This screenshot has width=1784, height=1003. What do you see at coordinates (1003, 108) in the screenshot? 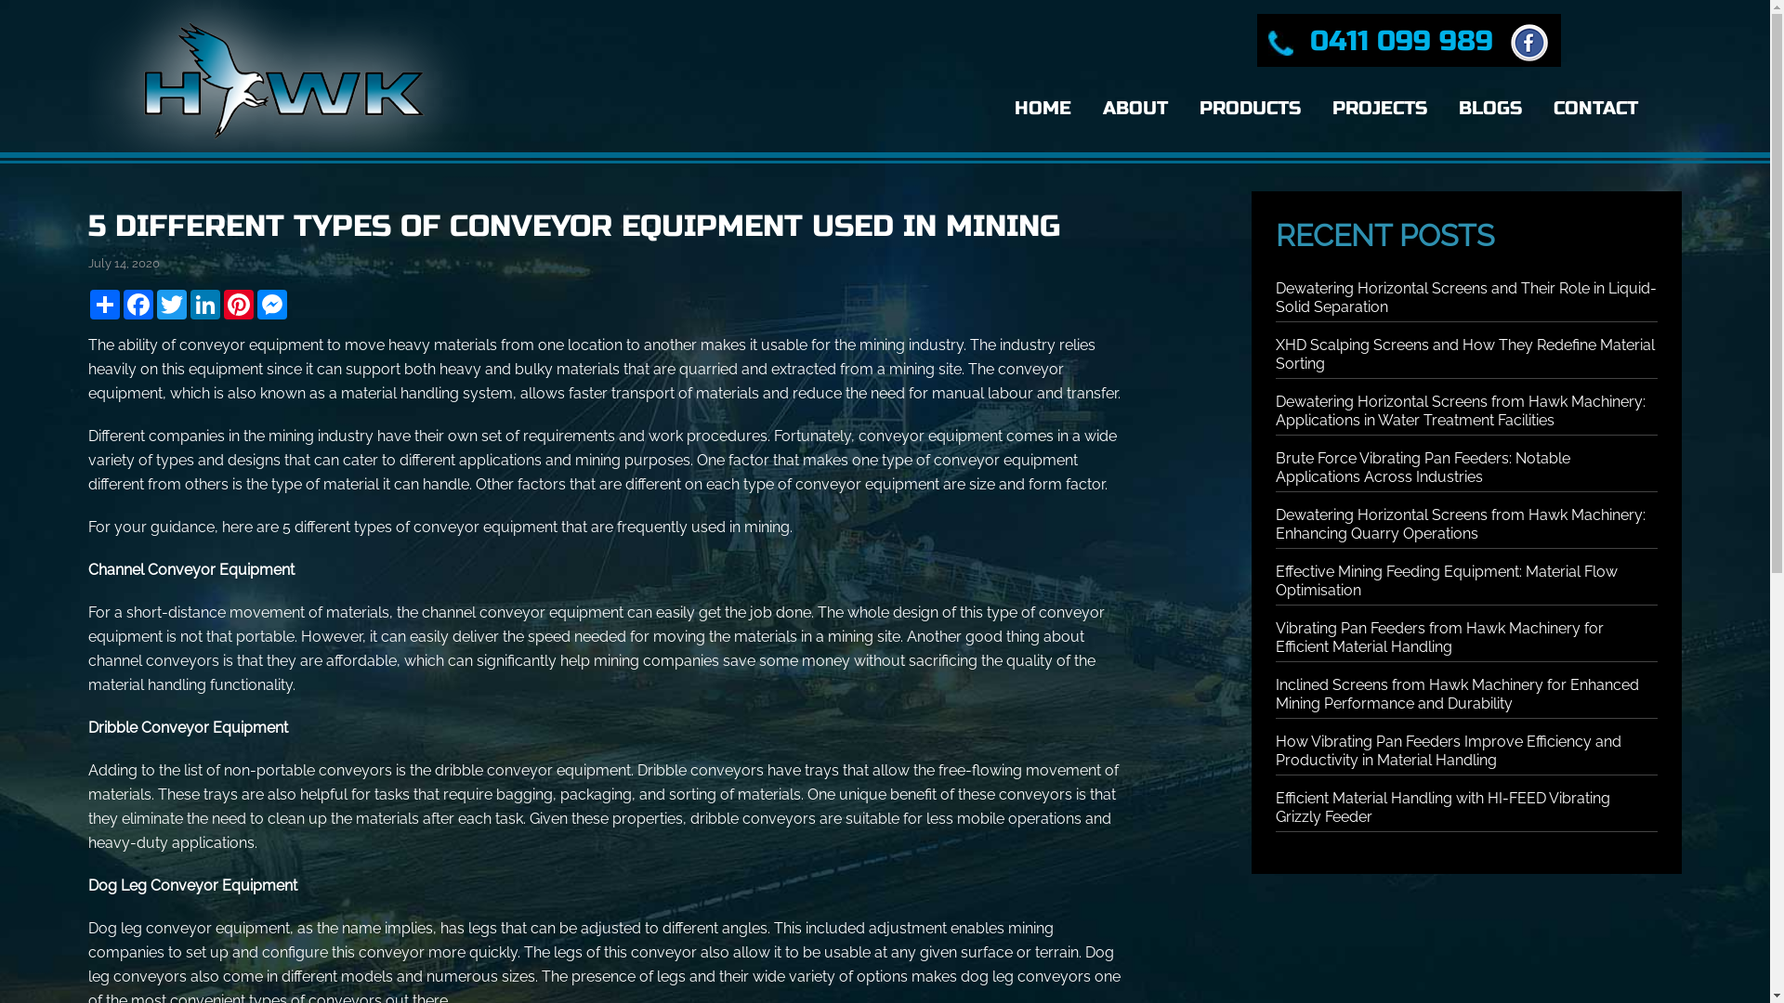
I see `'HOME'` at bounding box center [1003, 108].